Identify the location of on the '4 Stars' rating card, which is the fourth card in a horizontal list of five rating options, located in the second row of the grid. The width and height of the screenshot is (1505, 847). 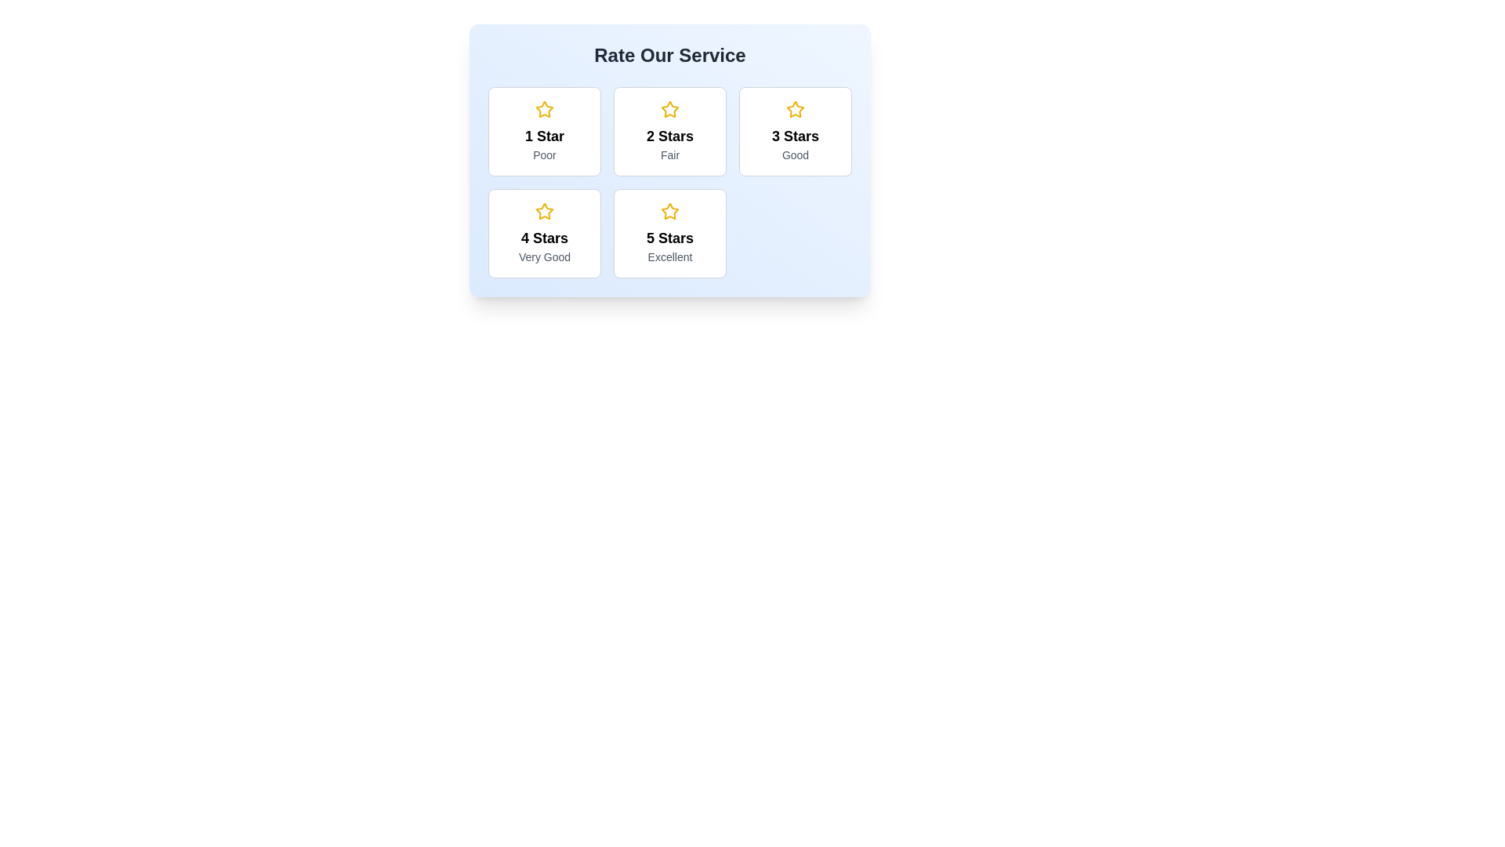
(545, 233).